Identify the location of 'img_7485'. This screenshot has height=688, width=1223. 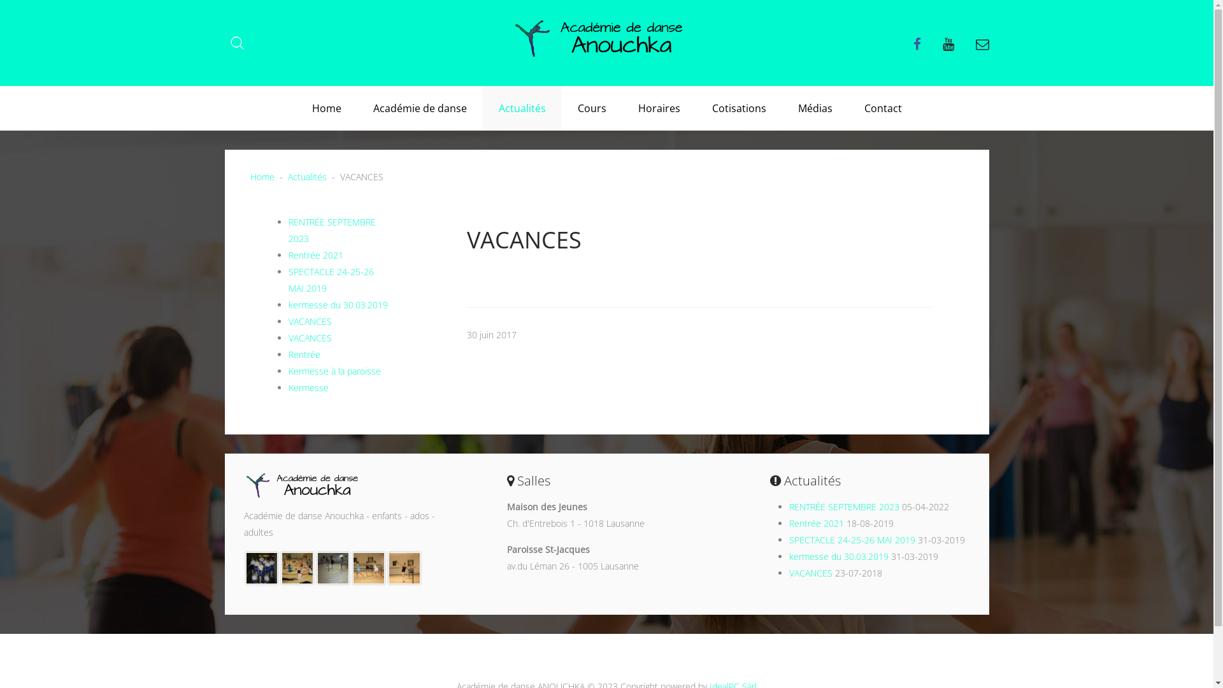
(296, 566).